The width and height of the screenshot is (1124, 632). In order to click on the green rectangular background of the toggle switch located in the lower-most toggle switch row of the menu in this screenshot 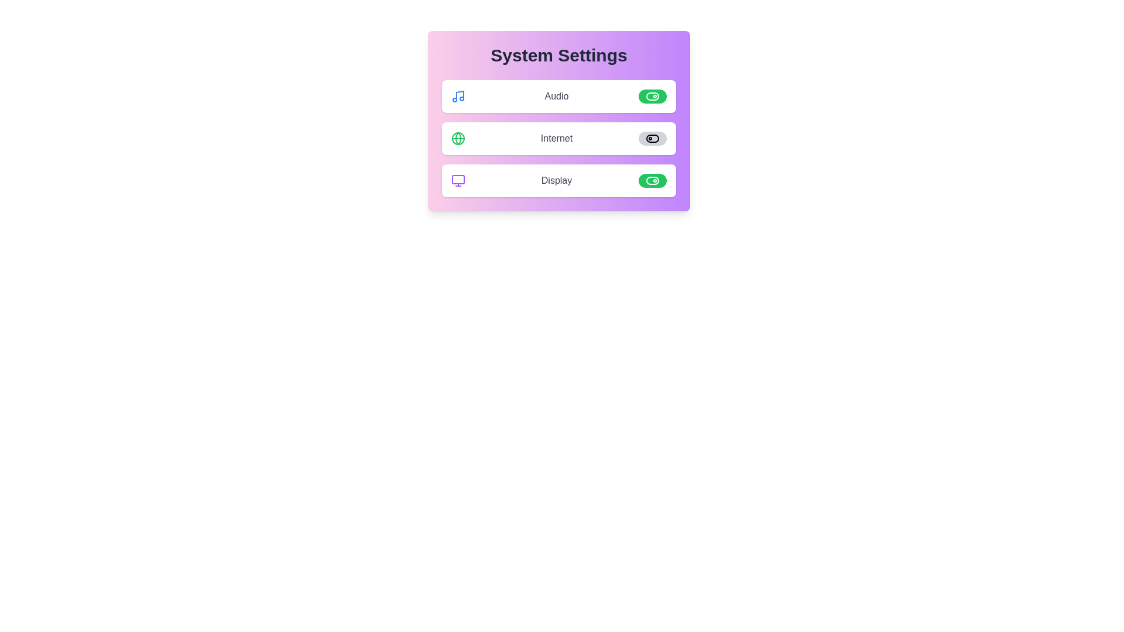, I will do `click(652, 180)`.